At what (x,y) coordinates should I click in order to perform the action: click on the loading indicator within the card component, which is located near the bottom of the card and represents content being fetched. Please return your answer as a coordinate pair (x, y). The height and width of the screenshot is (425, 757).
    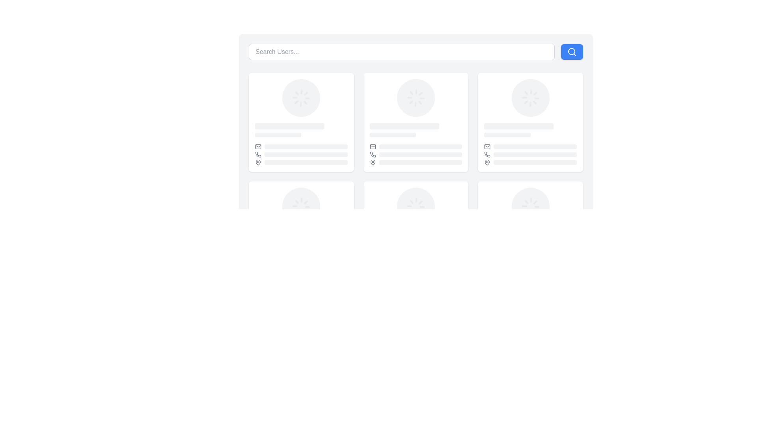
    Looking at the image, I should click on (416, 238).